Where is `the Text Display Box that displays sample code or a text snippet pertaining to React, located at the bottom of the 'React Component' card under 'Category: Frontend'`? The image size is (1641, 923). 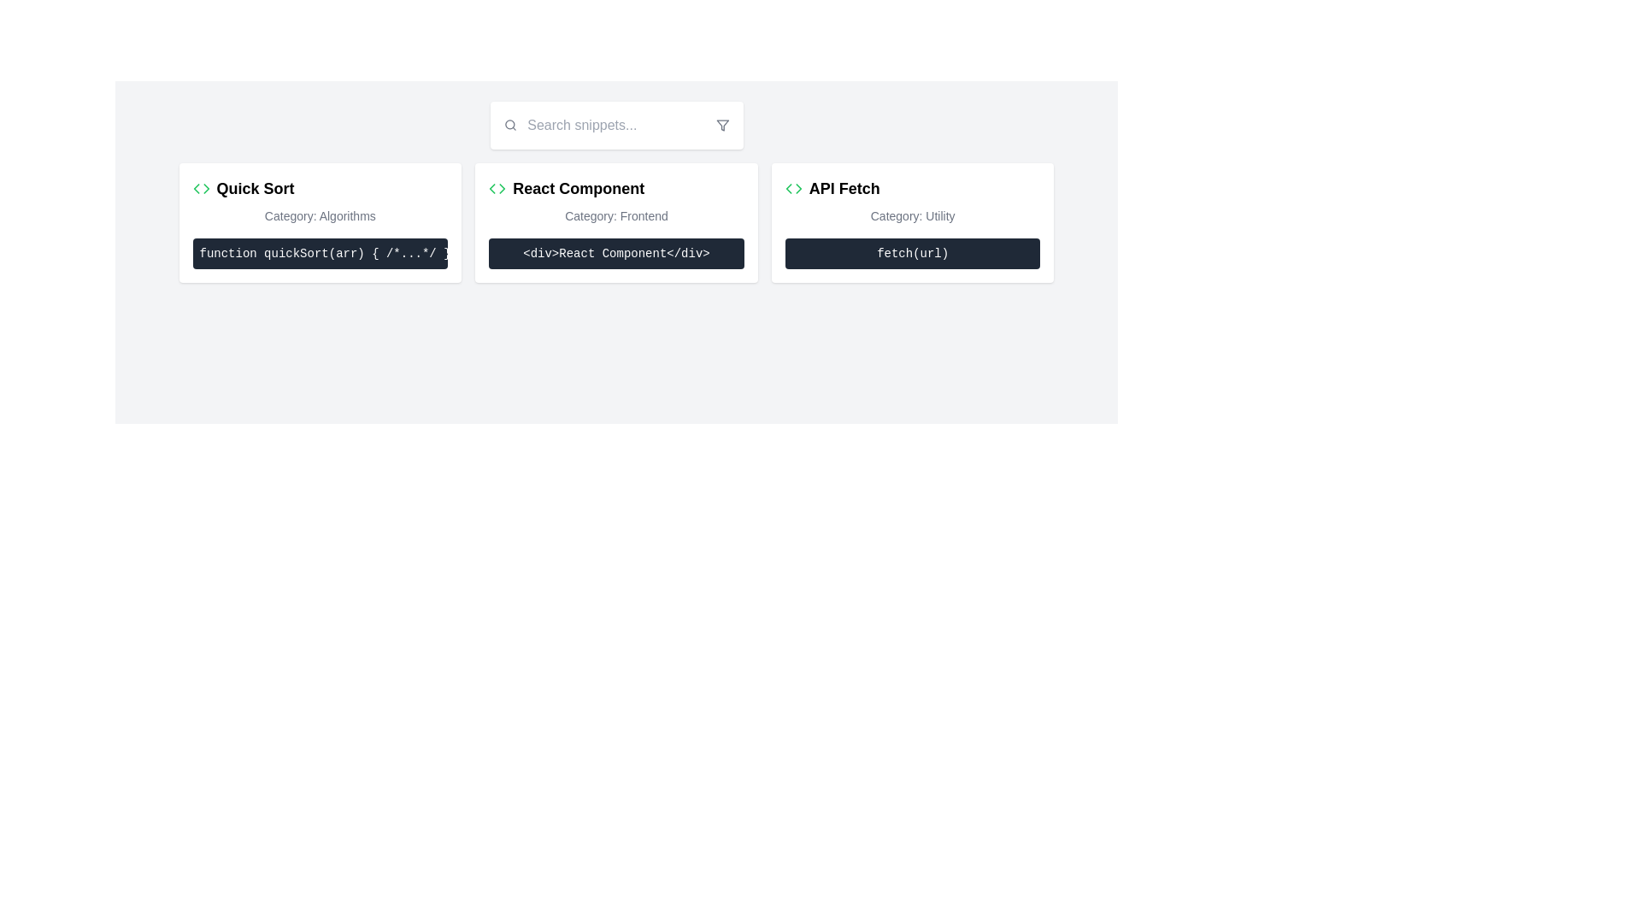 the Text Display Box that displays sample code or a text snippet pertaining to React, located at the bottom of the 'React Component' card under 'Category: Frontend' is located at coordinates (615, 254).